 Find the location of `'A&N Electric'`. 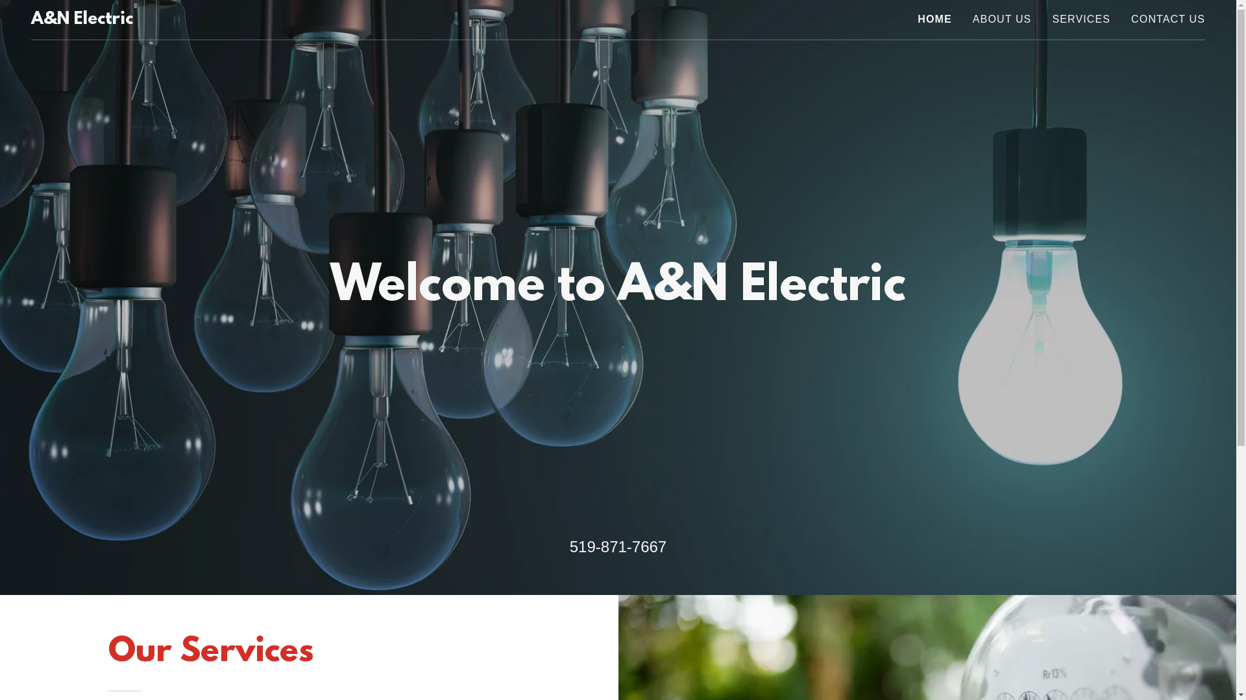

'A&N Electric' is located at coordinates (81, 19).